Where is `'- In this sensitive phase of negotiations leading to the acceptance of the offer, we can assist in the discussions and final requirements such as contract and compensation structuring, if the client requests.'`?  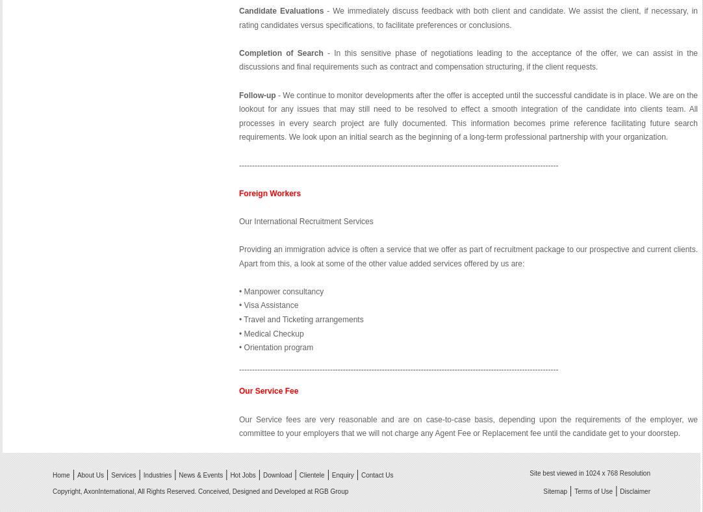
'- In this sensitive phase of negotiations leading to the acceptance of the offer, we can assist in the discussions and final requirements such as contract and compensation structuring, if the client requests.' is located at coordinates (468, 59).